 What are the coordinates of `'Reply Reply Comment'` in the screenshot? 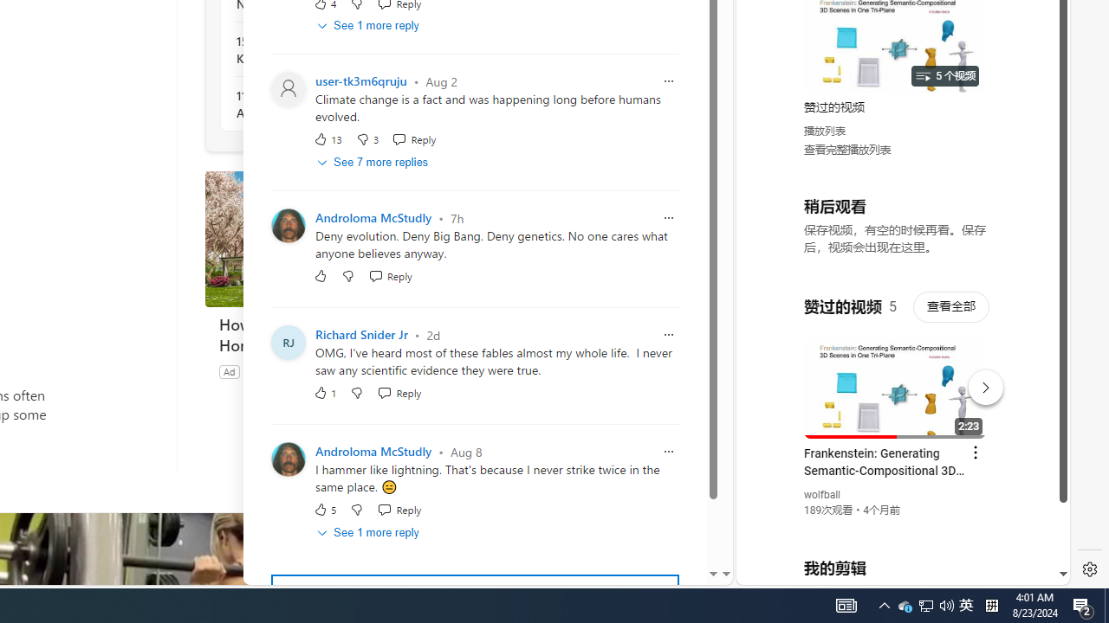 It's located at (399, 509).